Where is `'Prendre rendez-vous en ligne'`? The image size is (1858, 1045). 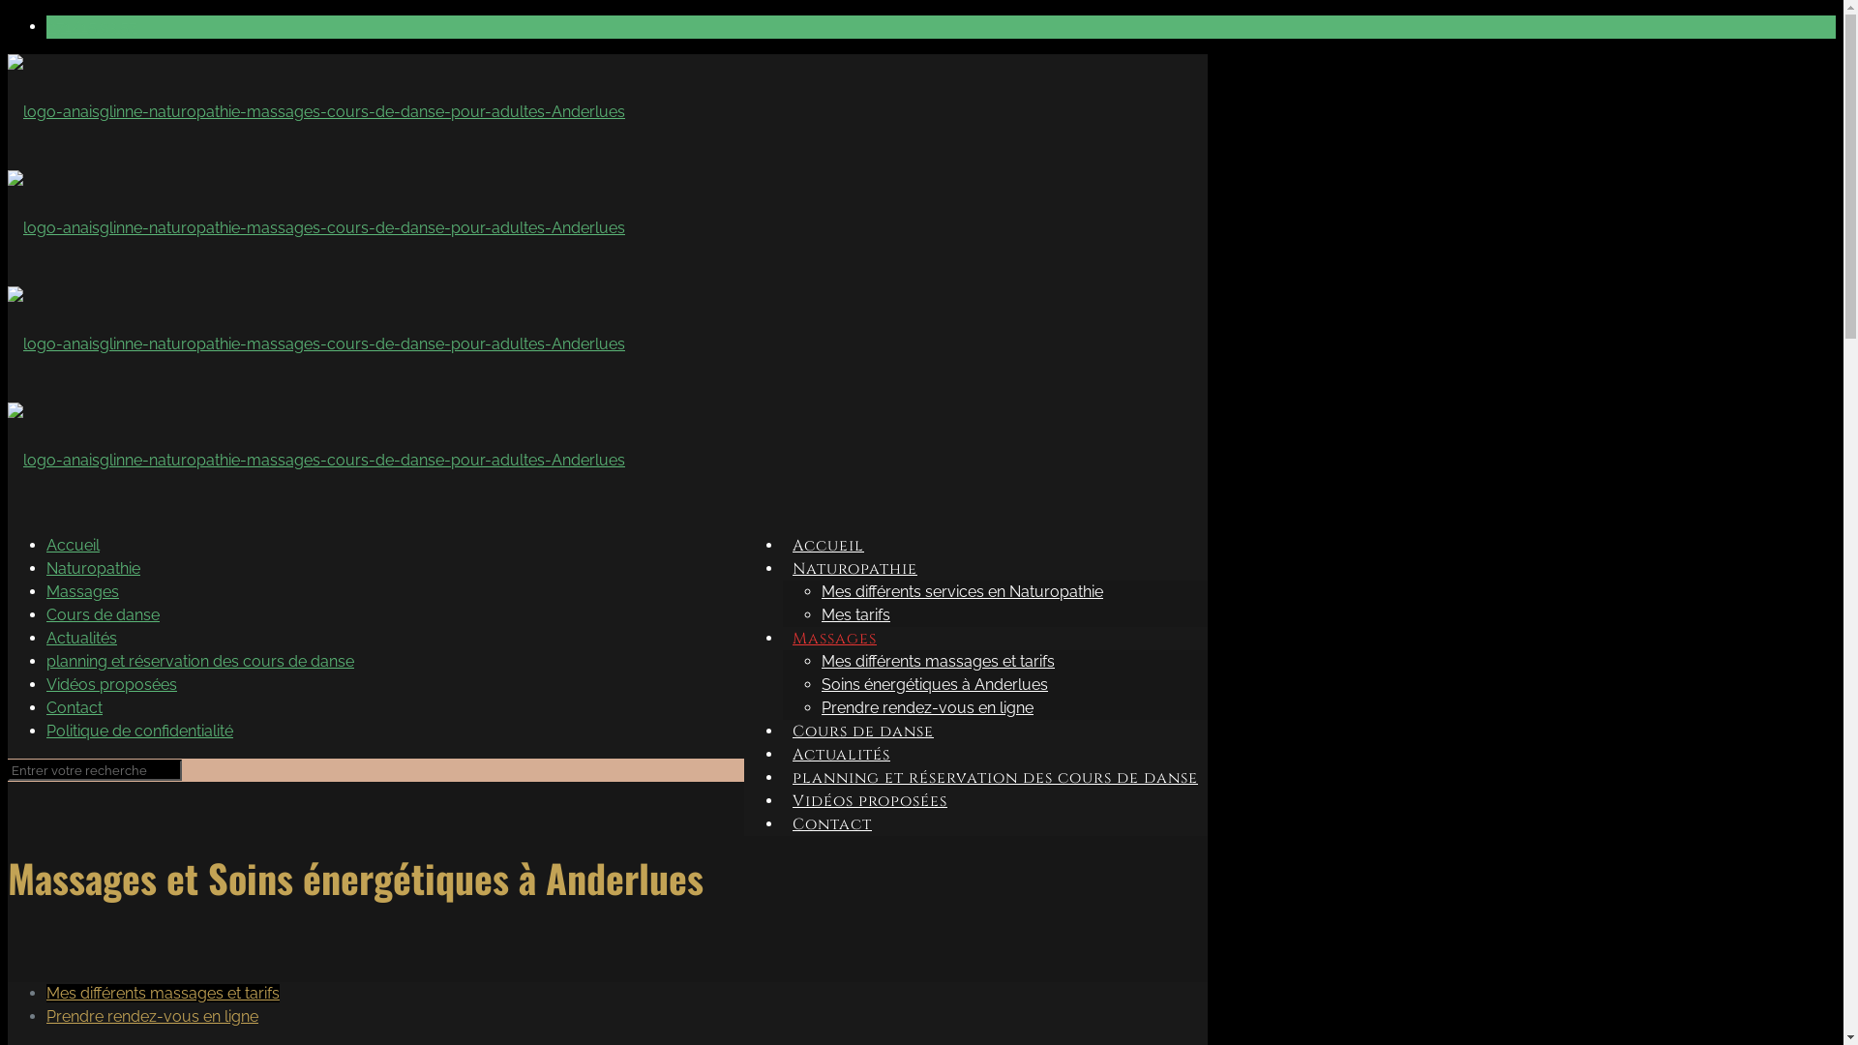
'Prendre rendez-vous en ligne' is located at coordinates (151, 1015).